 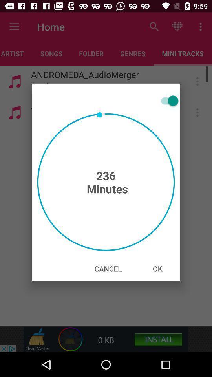 What do you see at coordinates (157, 269) in the screenshot?
I see `the icon at the bottom right corner` at bounding box center [157, 269].